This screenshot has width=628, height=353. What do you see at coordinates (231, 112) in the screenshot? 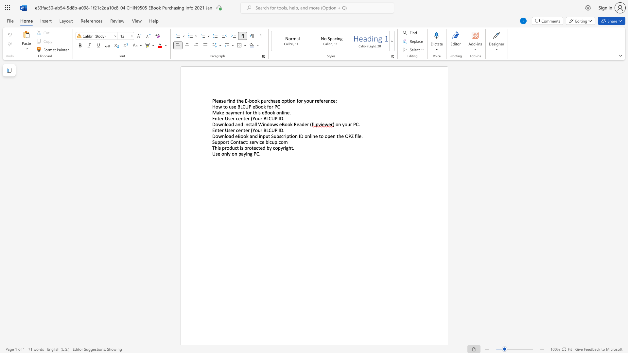
I see `the subset text "yment for th" within the text "Make payment for this eBook online."` at bounding box center [231, 112].